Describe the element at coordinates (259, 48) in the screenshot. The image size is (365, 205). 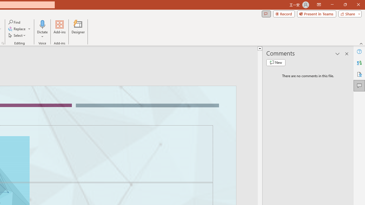
I see `'Line up'` at that location.